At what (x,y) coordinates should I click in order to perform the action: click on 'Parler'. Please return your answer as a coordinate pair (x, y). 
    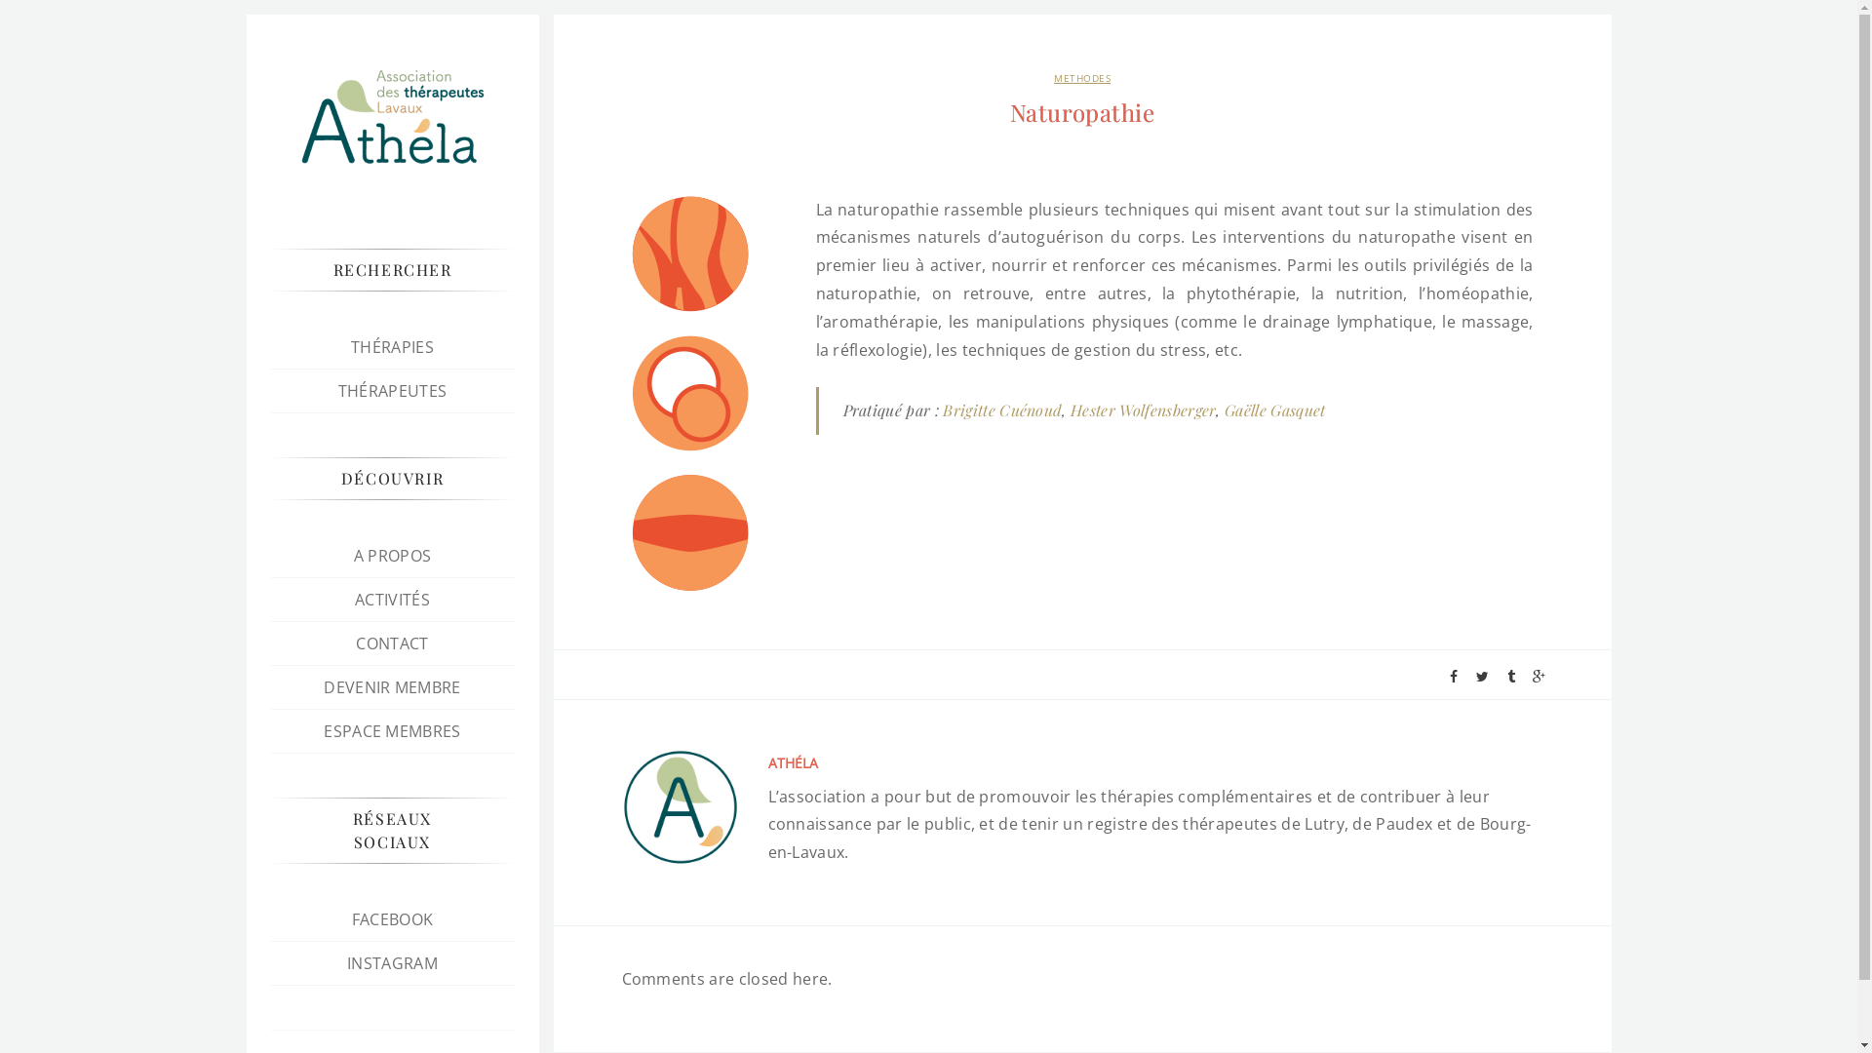
    Looking at the image, I should click on (690, 532).